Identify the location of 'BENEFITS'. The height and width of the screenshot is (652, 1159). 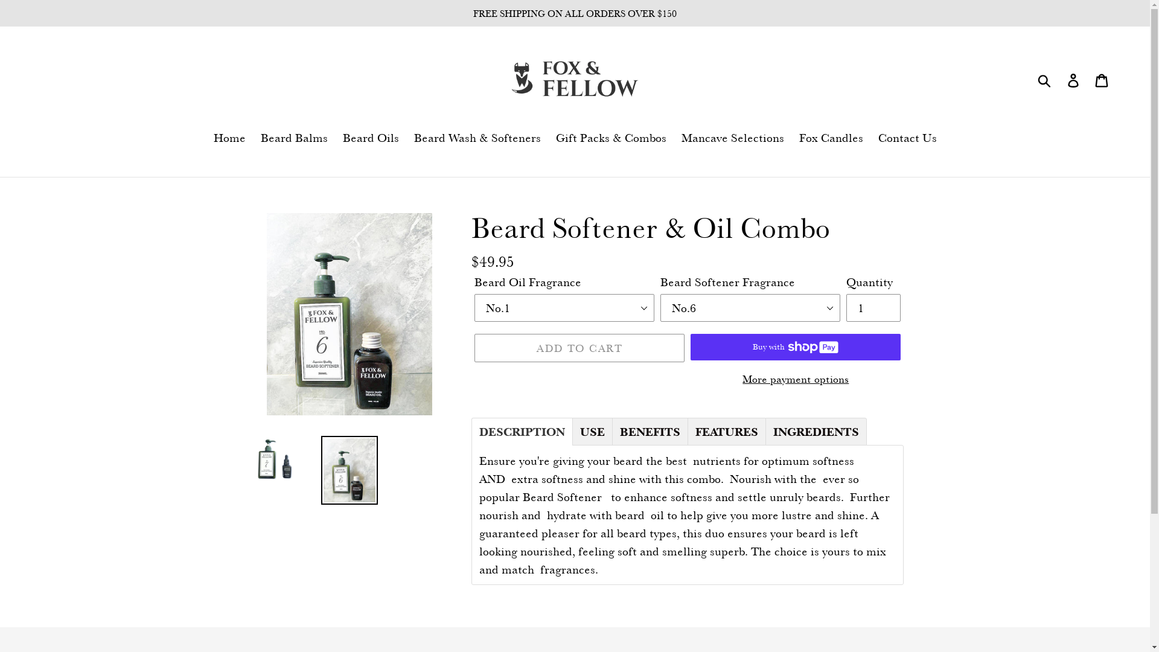
(620, 430).